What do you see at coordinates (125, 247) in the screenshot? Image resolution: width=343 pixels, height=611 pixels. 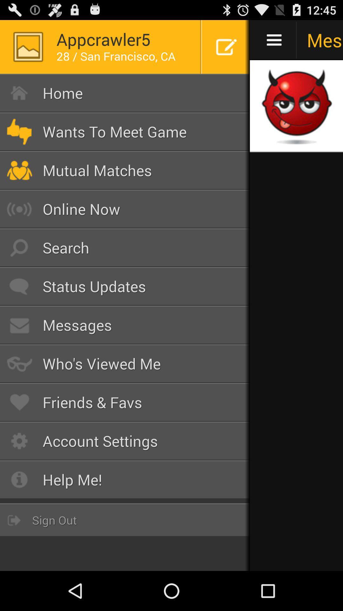 I see `the button above the status updates button` at bounding box center [125, 247].